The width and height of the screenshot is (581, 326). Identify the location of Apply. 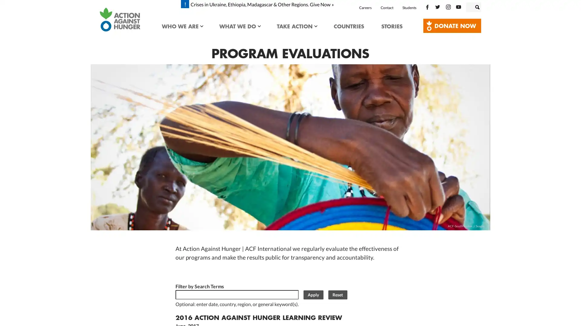
(313, 294).